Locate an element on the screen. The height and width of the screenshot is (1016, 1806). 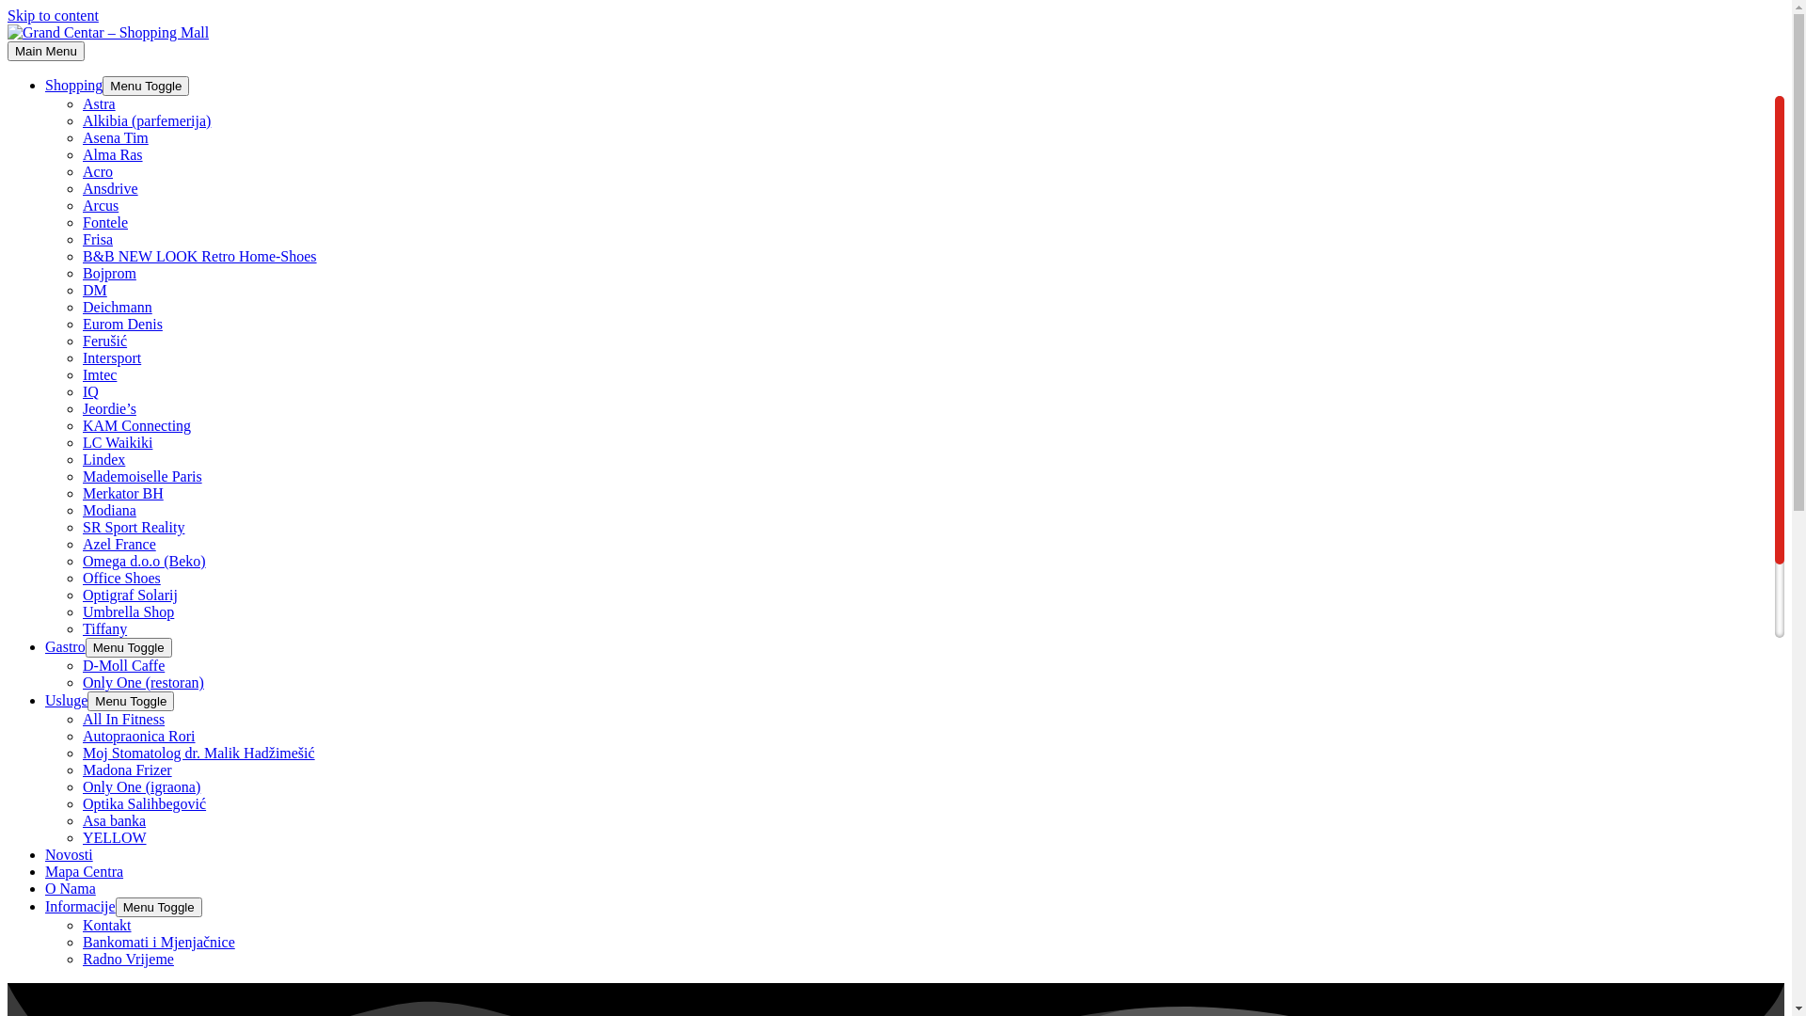
'Asa banka' is located at coordinates (113, 819).